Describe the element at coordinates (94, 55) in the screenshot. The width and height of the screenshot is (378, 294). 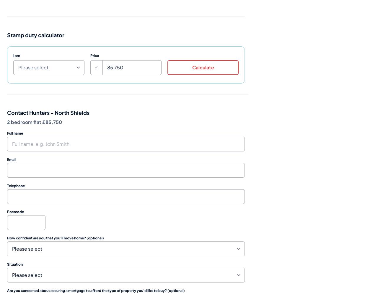
I see `'Price'` at that location.